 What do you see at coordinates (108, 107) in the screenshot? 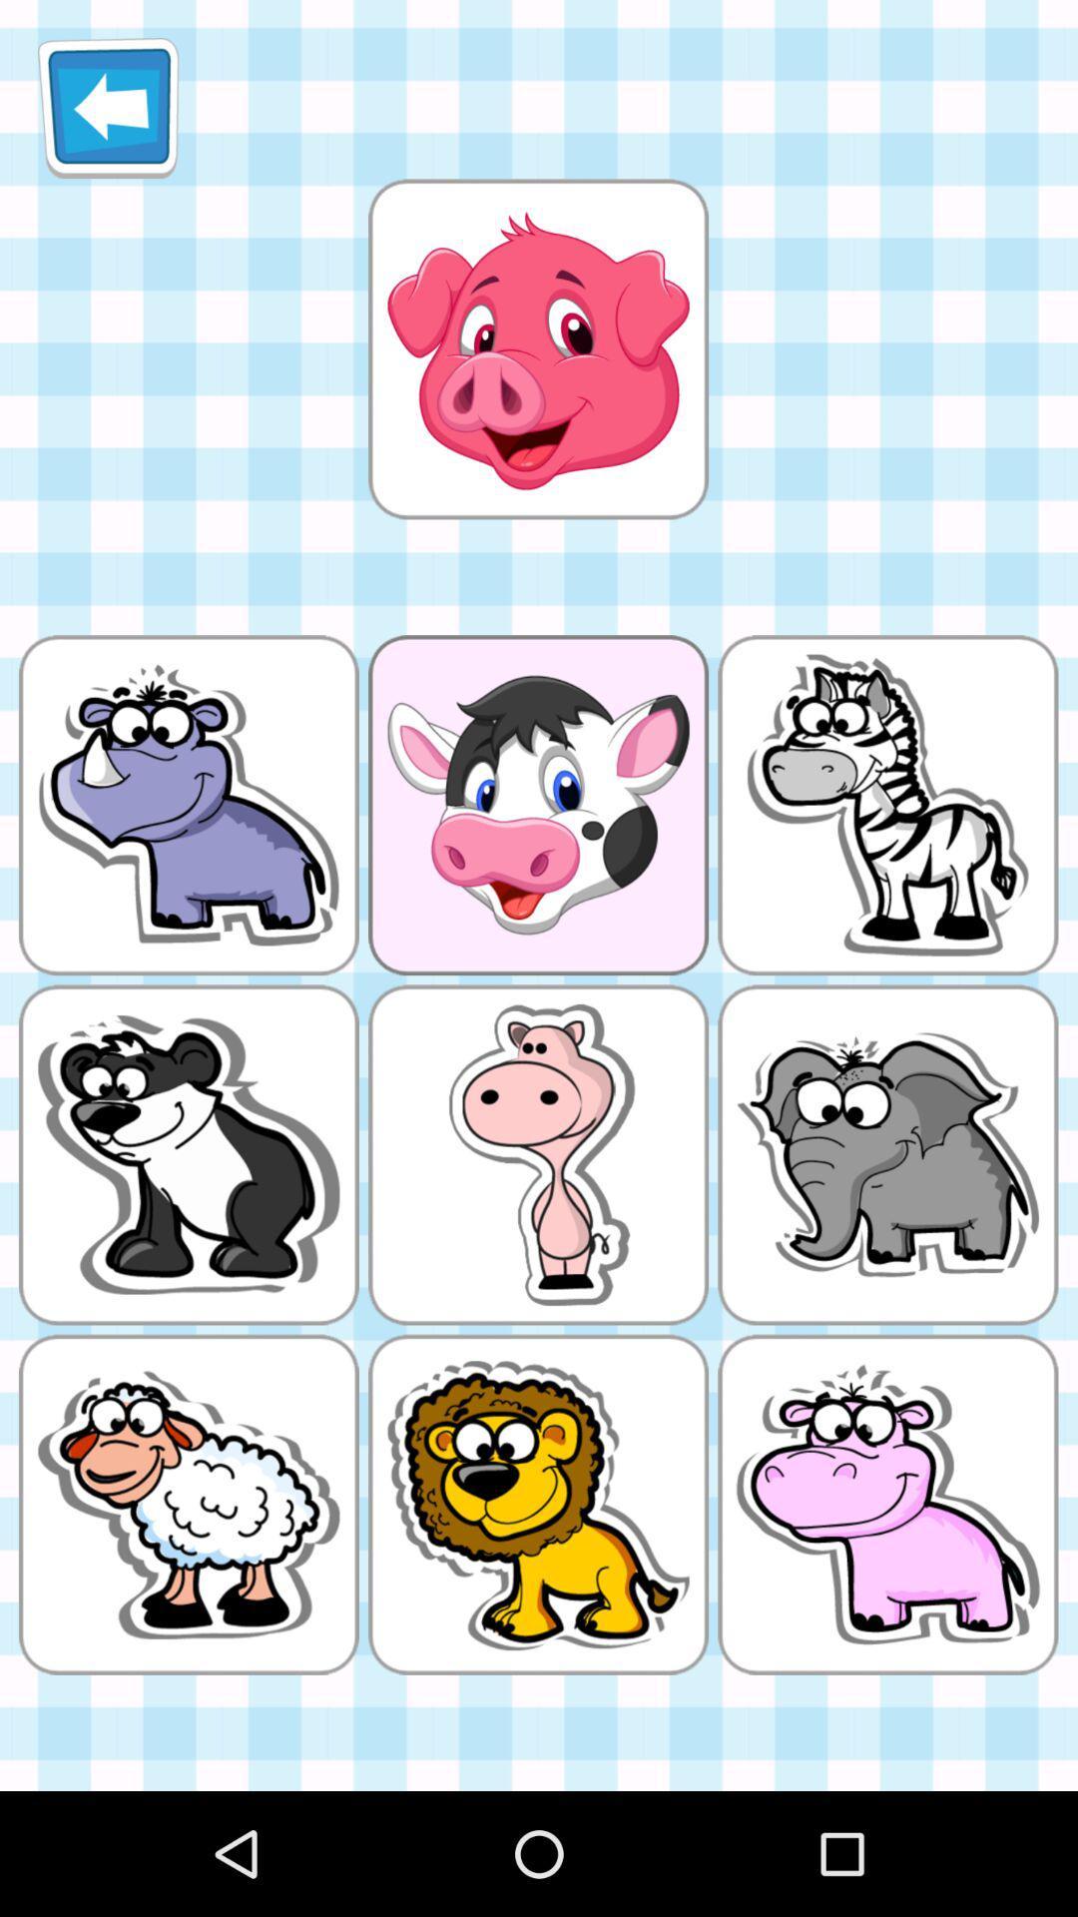
I see `go back` at bounding box center [108, 107].